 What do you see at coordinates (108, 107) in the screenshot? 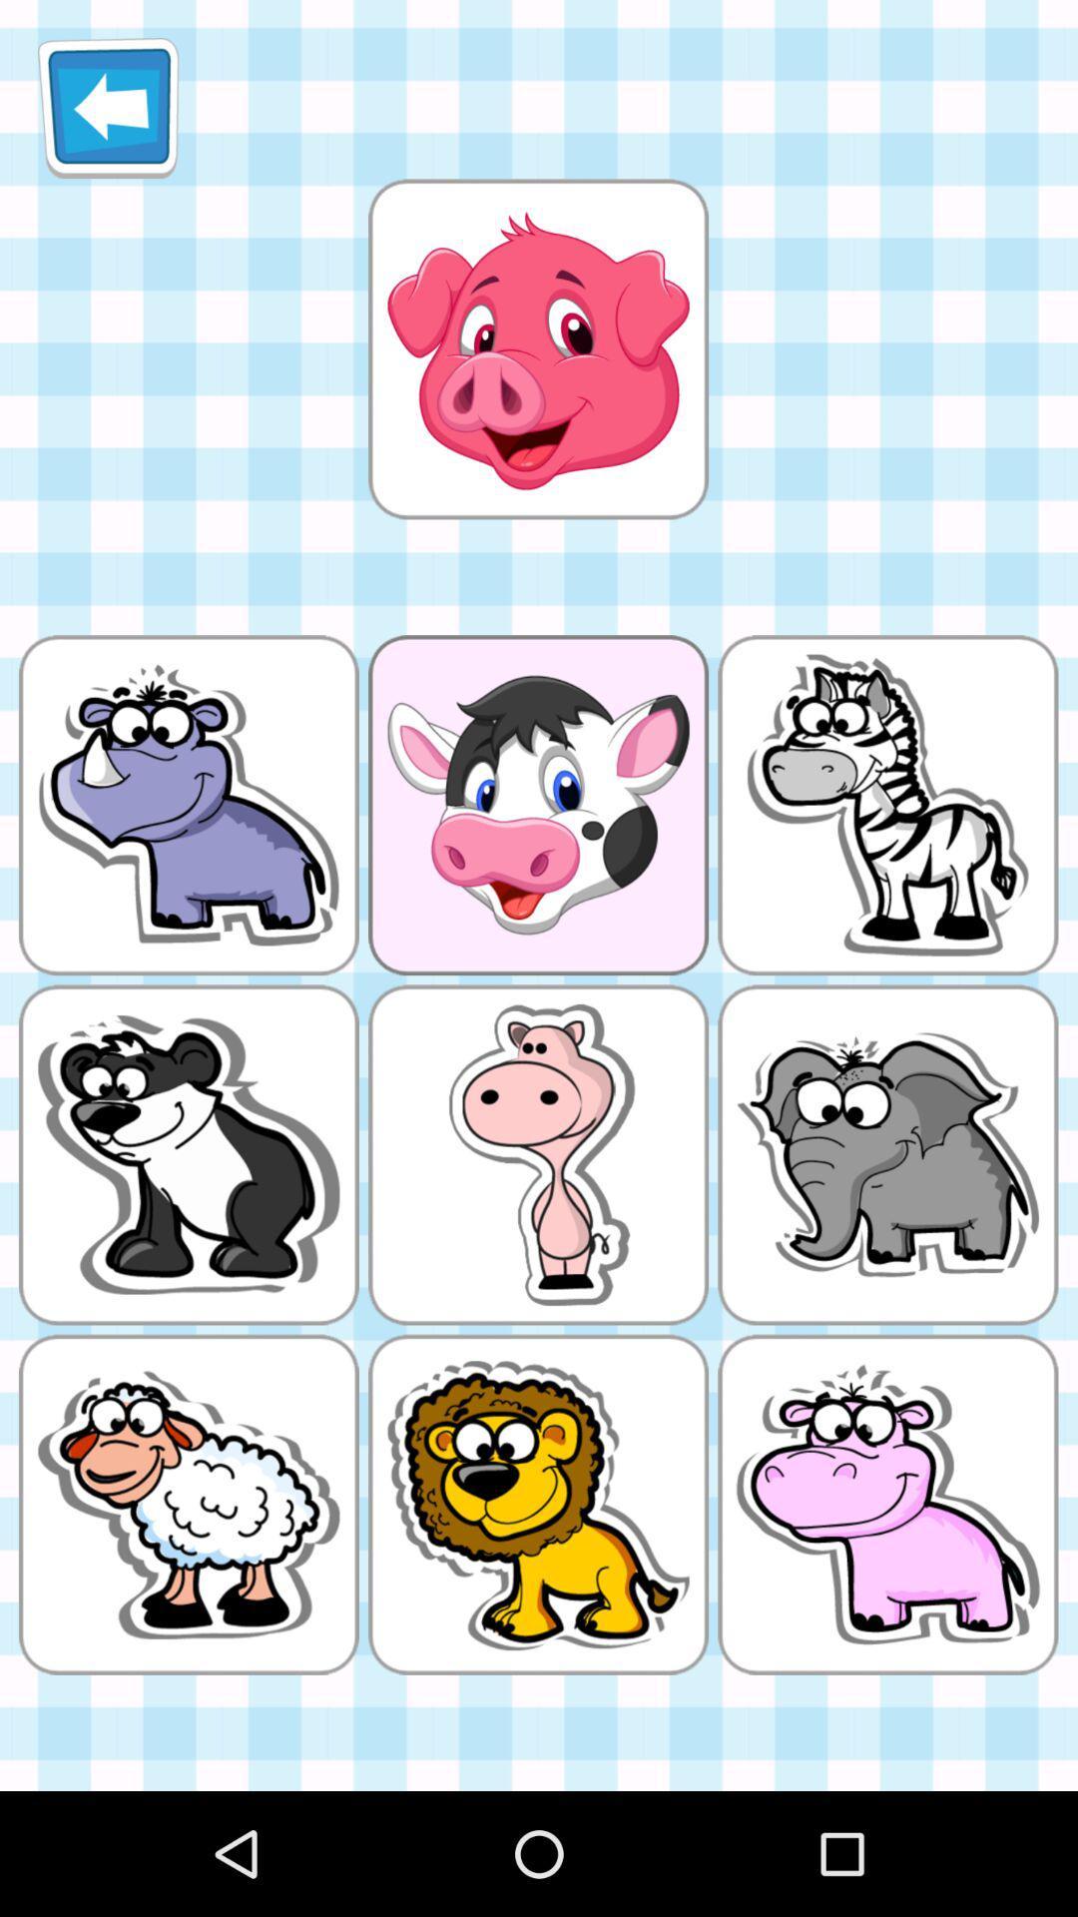
I see `go back` at bounding box center [108, 107].